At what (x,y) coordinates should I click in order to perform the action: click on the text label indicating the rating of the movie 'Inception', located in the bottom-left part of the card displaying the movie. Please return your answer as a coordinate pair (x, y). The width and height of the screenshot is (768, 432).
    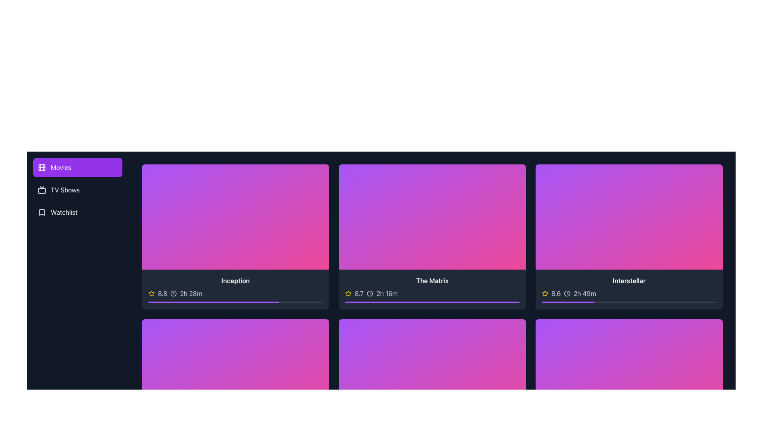
    Looking at the image, I should click on (162, 294).